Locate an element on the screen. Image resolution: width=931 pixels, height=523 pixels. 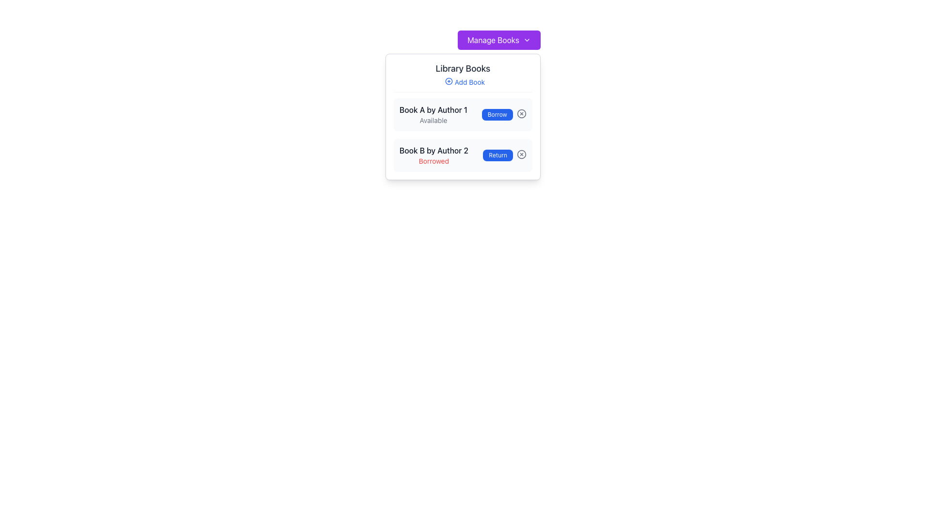
the text label reading 'Available', which is styled with a smaller gray font and located below the title 'Book A by Author 1' is located at coordinates (433, 120).